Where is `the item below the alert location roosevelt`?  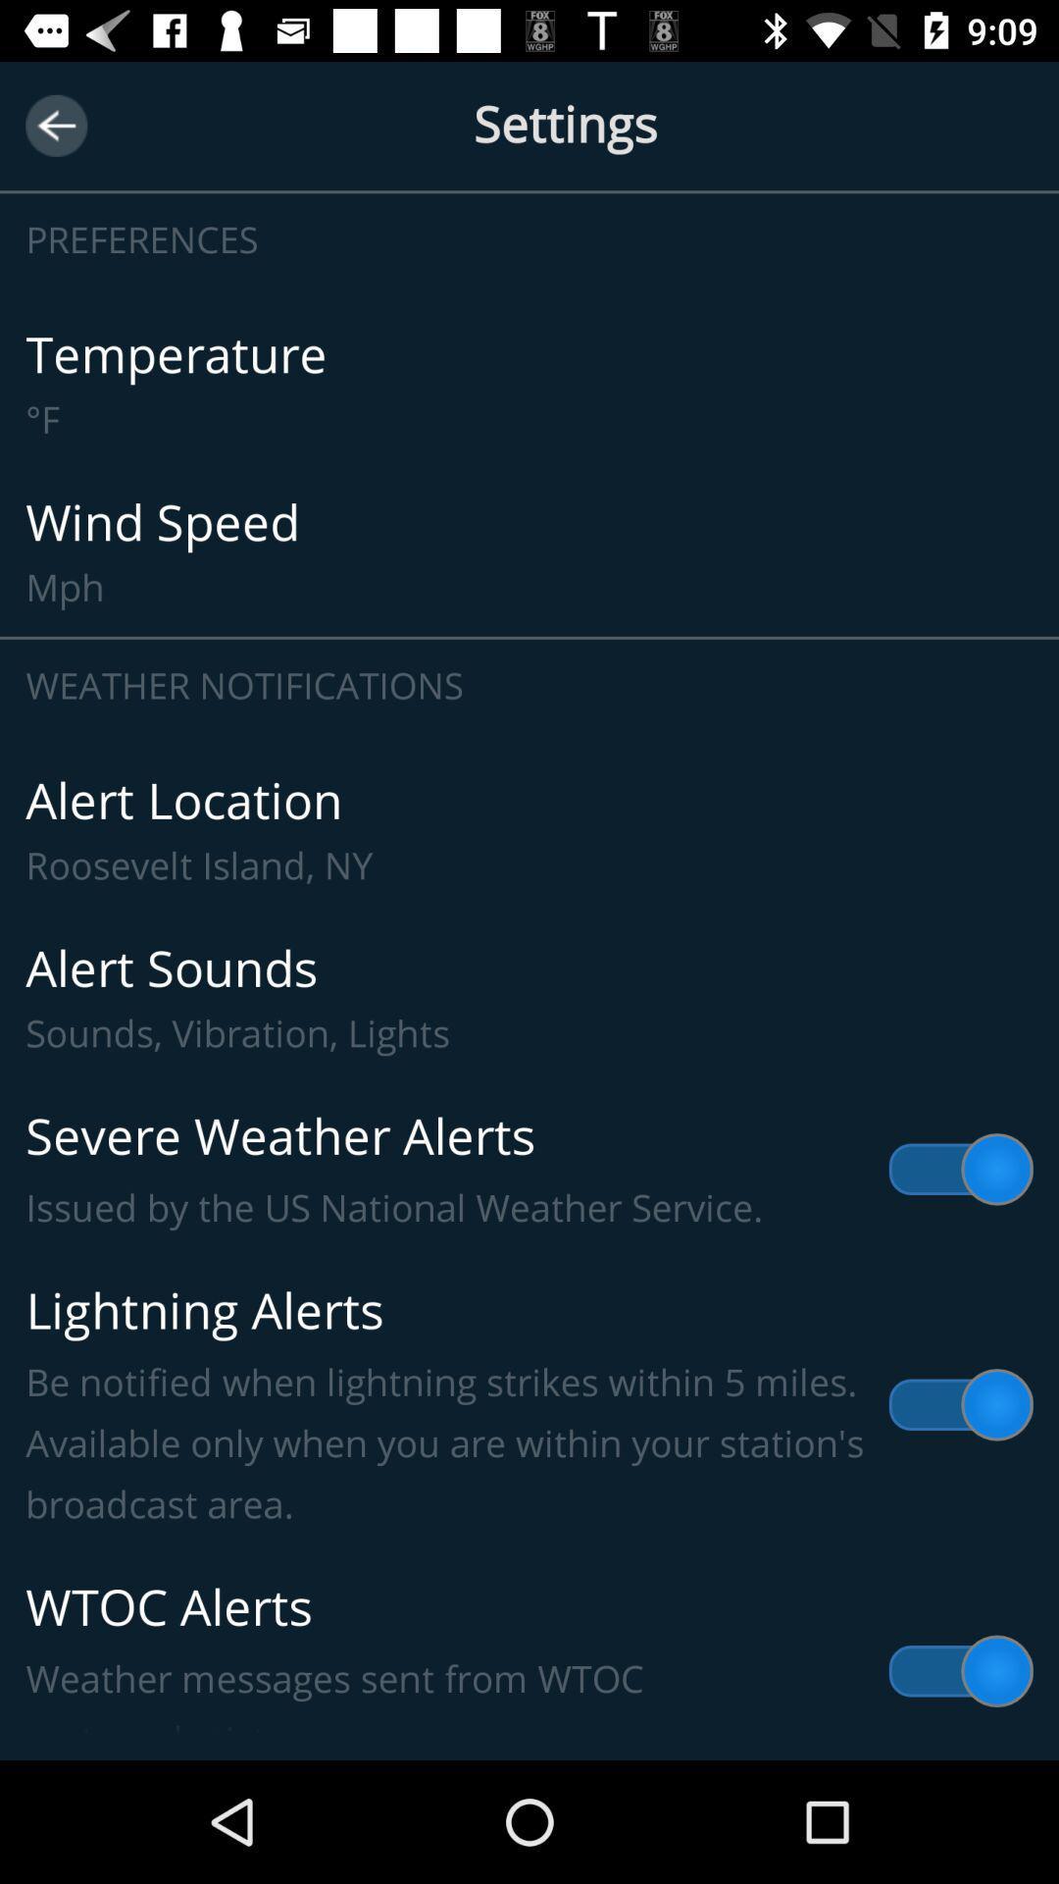 the item below the alert location roosevelt is located at coordinates (529, 998).